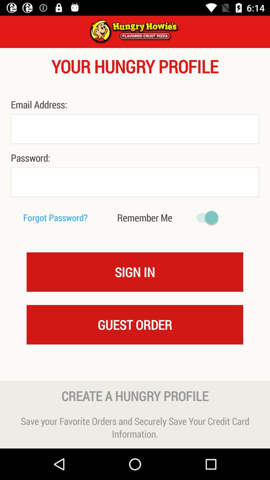 This screenshot has width=270, height=480. What do you see at coordinates (134, 271) in the screenshot?
I see `icon below the remember me` at bounding box center [134, 271].